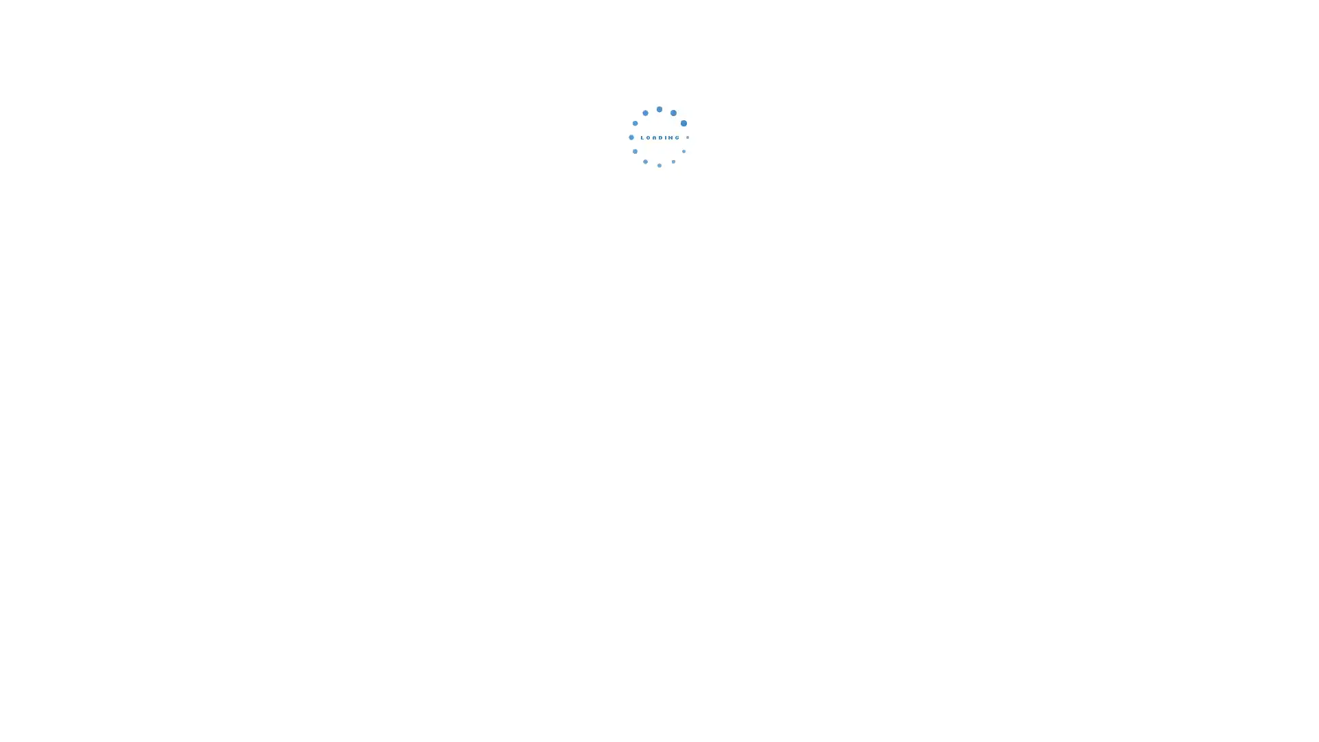 Image resolution: width=1319 pixels, height=742 pixels. I want to click on Continue, so click(659, 230).